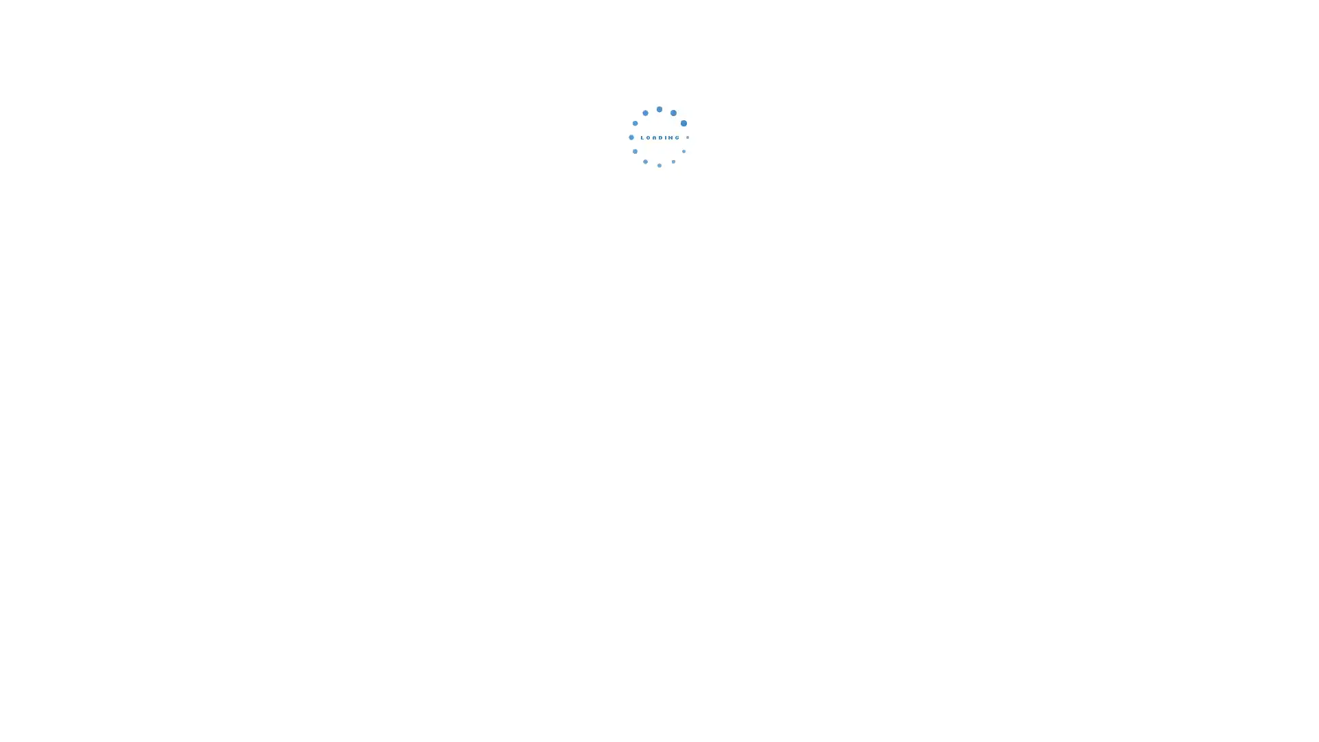 Image resolution: width=1319 pixels, height=742 pixels. I want to click on Continue, so click(659, 230).